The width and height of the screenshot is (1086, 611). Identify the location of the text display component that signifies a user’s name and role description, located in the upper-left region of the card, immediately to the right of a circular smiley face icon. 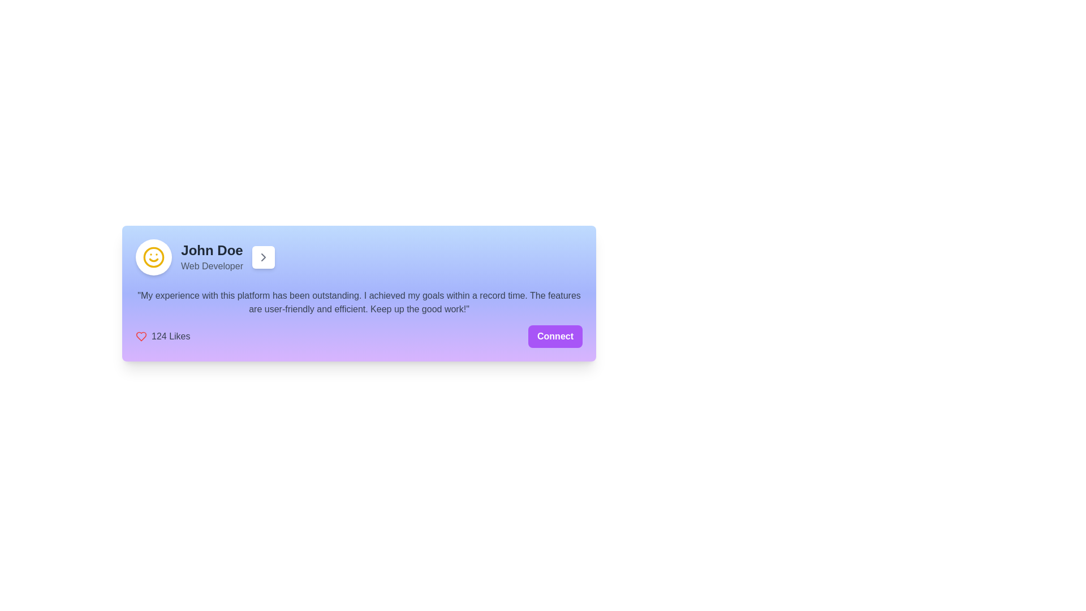
(212, 257).